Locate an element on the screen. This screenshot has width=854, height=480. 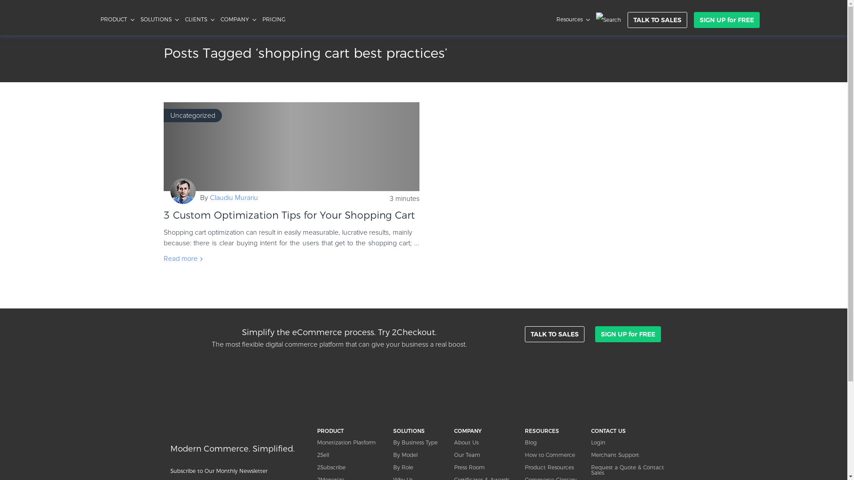
'TALK TO SALES' is located at coordinates (554, 334).